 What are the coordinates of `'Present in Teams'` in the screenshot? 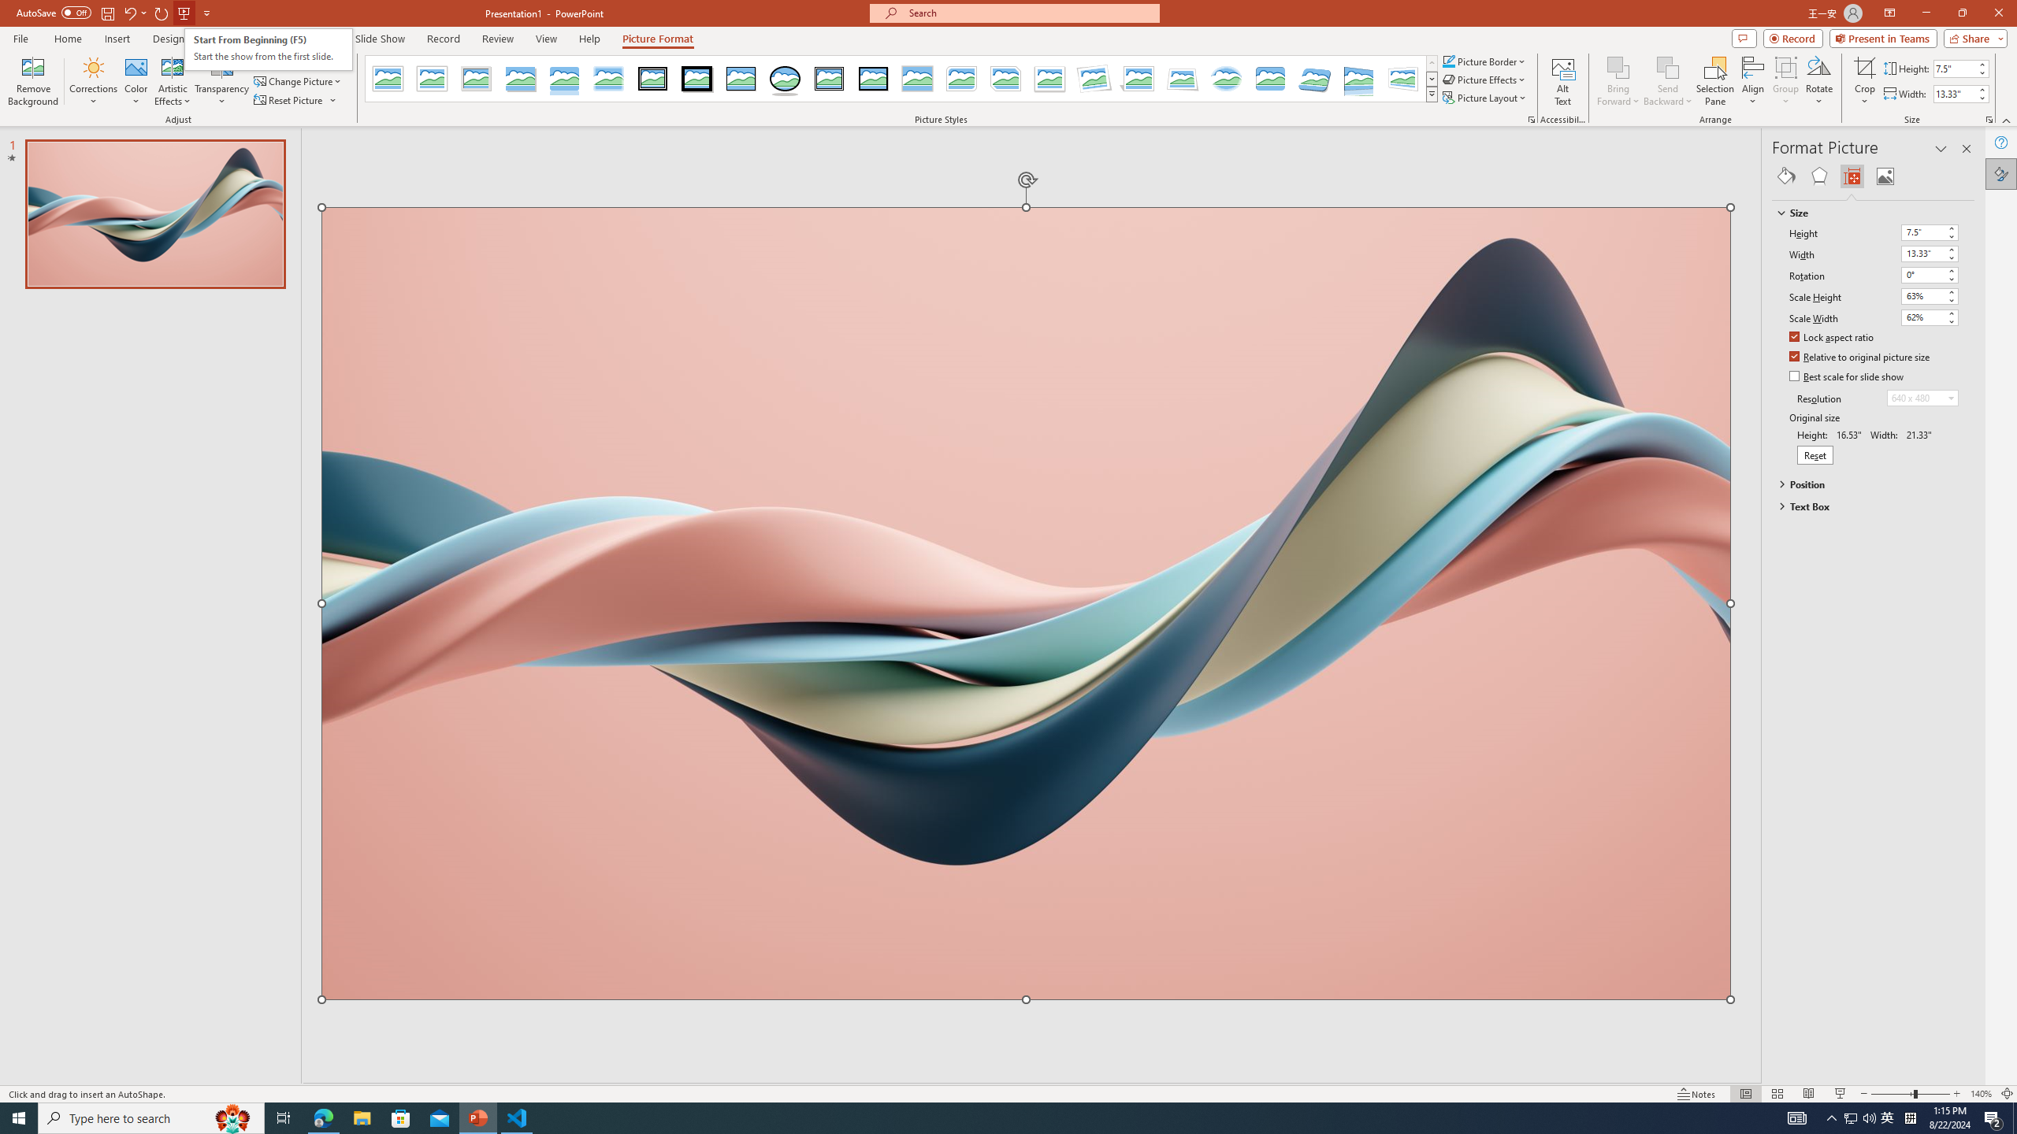 It's located at (1883, 37).